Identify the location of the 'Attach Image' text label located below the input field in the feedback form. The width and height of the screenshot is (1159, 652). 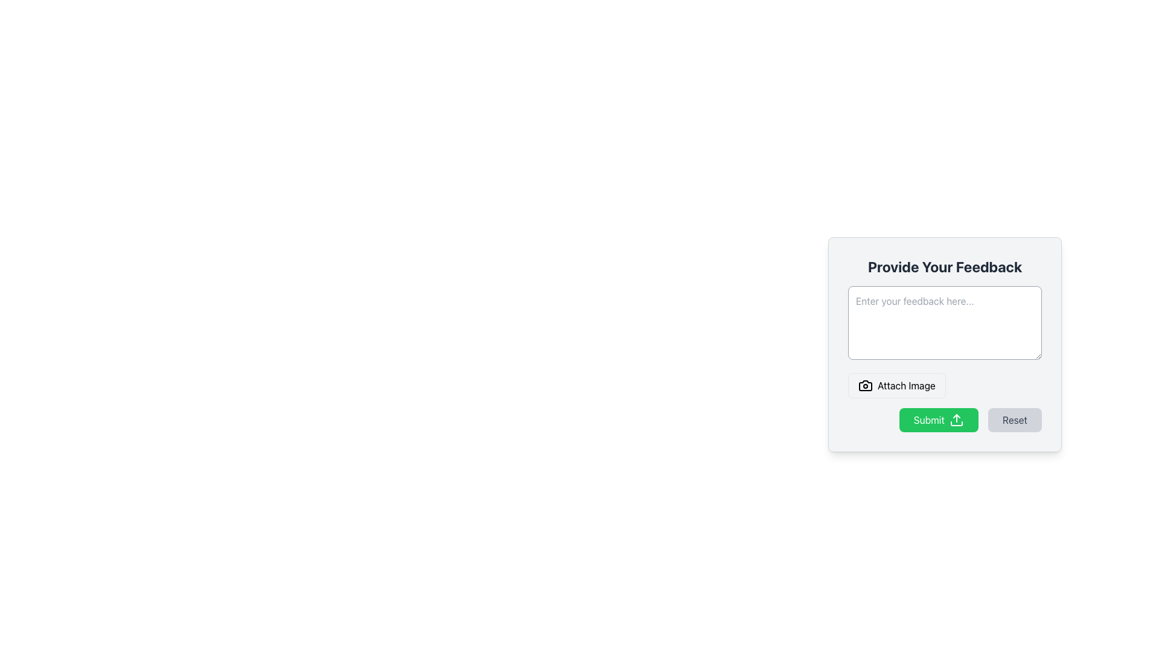
(906, 386).